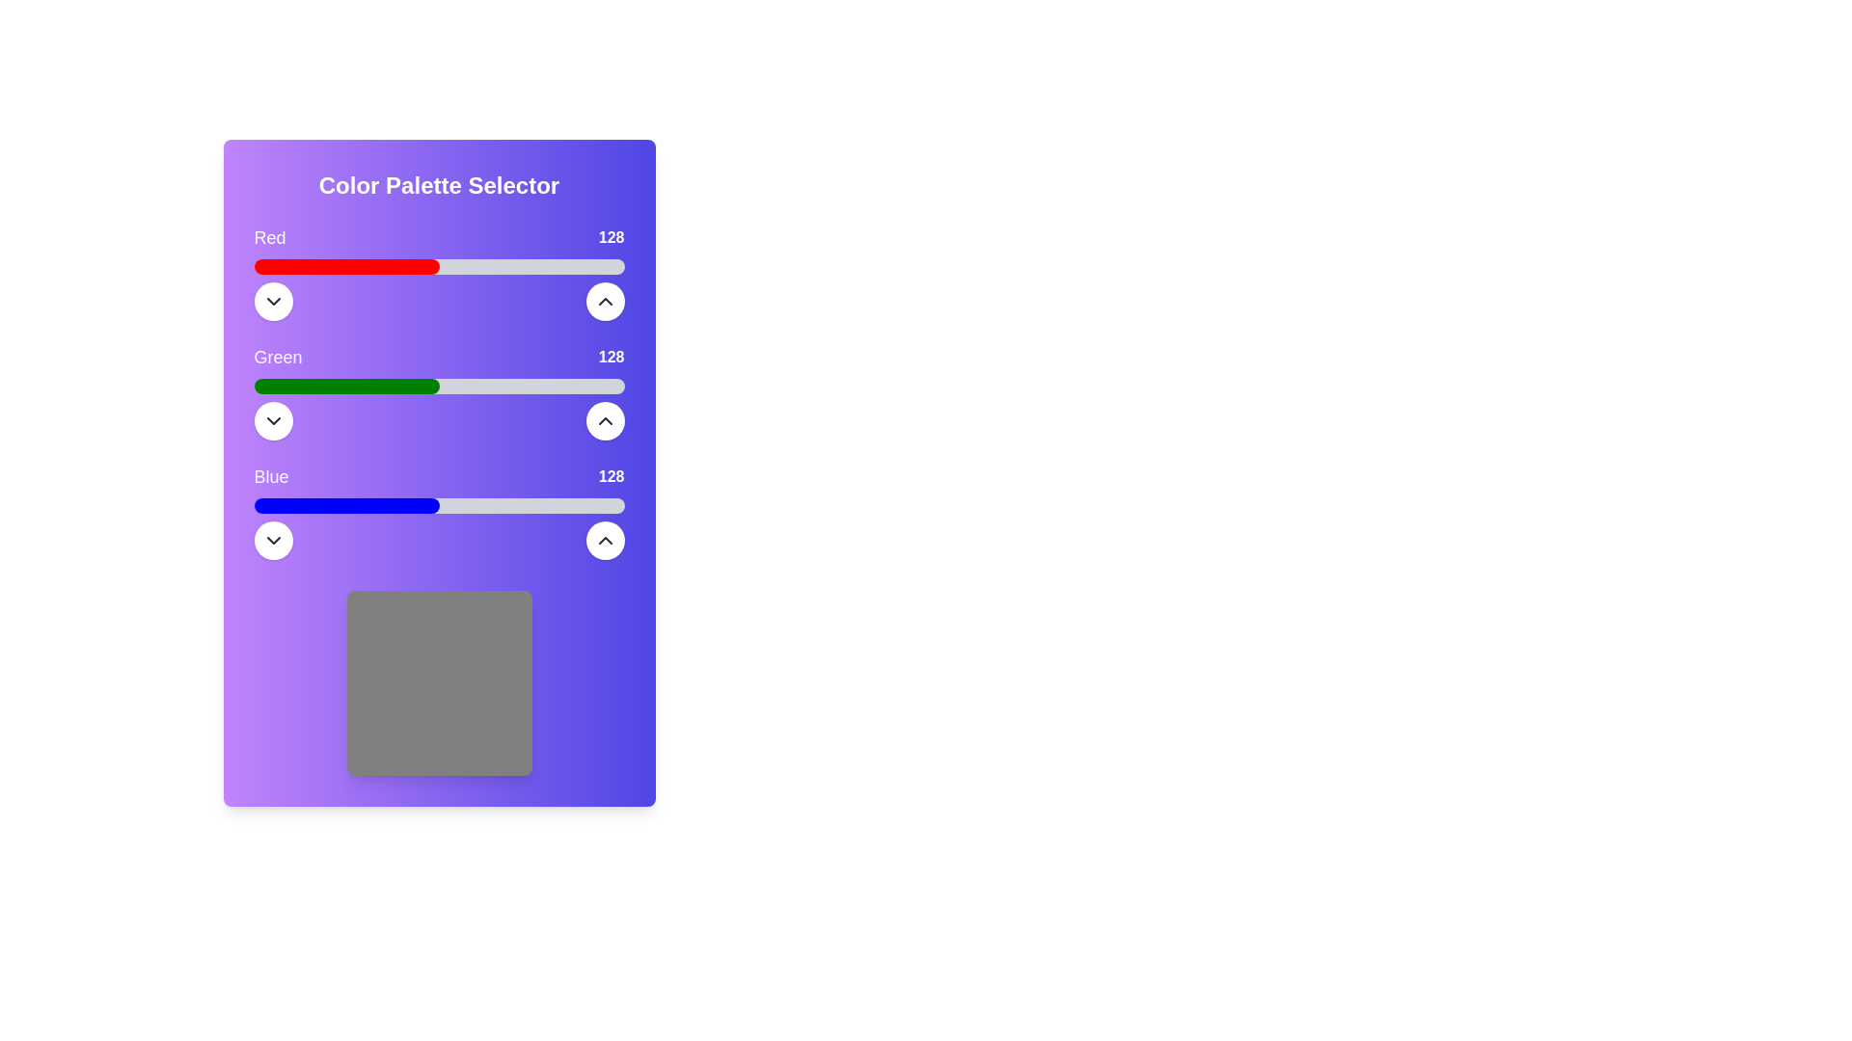 This screenshot has height=1041, width=1852. I want to click on the text label that displays 'Red', which is styled with a medium font weight and large size, located in the color adjustment interface, so click(268, 236).